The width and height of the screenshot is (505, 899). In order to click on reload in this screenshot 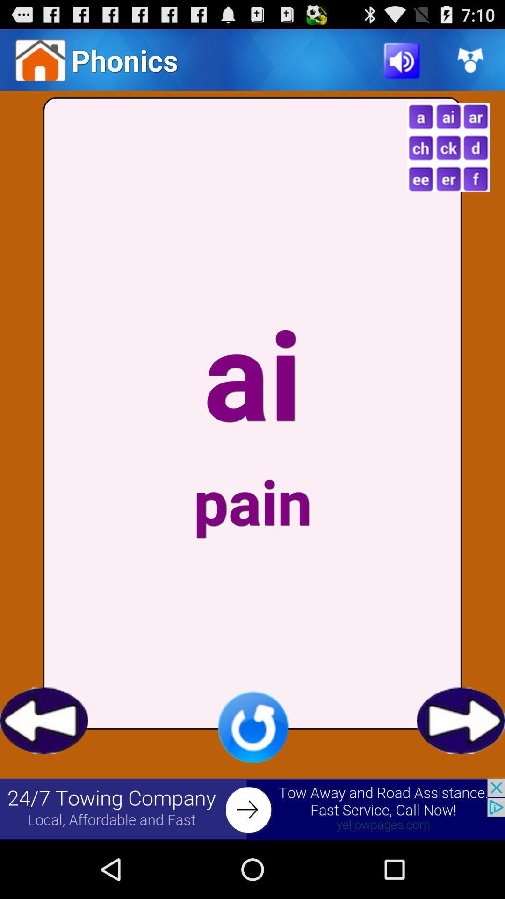, I will do `click(252, 726)`.